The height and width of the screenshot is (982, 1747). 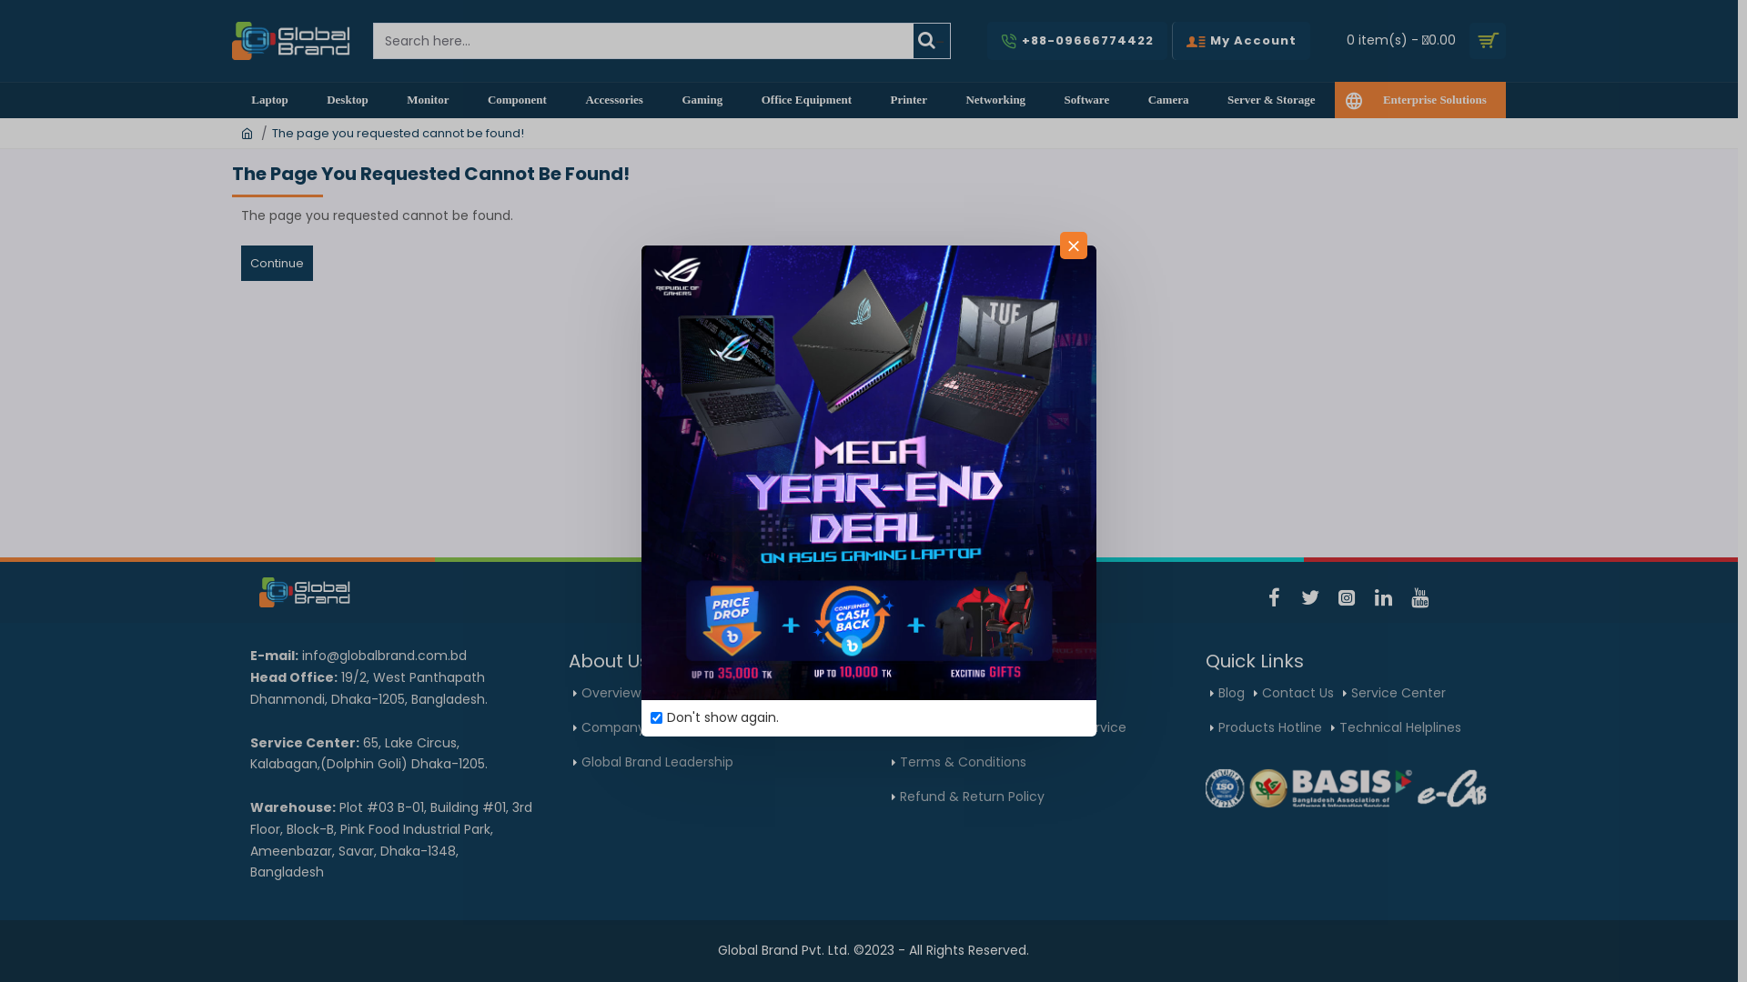 What do you see at coordinates (1209, 694) in the screenshot?
I see `'Blog'` at bounding box center [1209, 694].